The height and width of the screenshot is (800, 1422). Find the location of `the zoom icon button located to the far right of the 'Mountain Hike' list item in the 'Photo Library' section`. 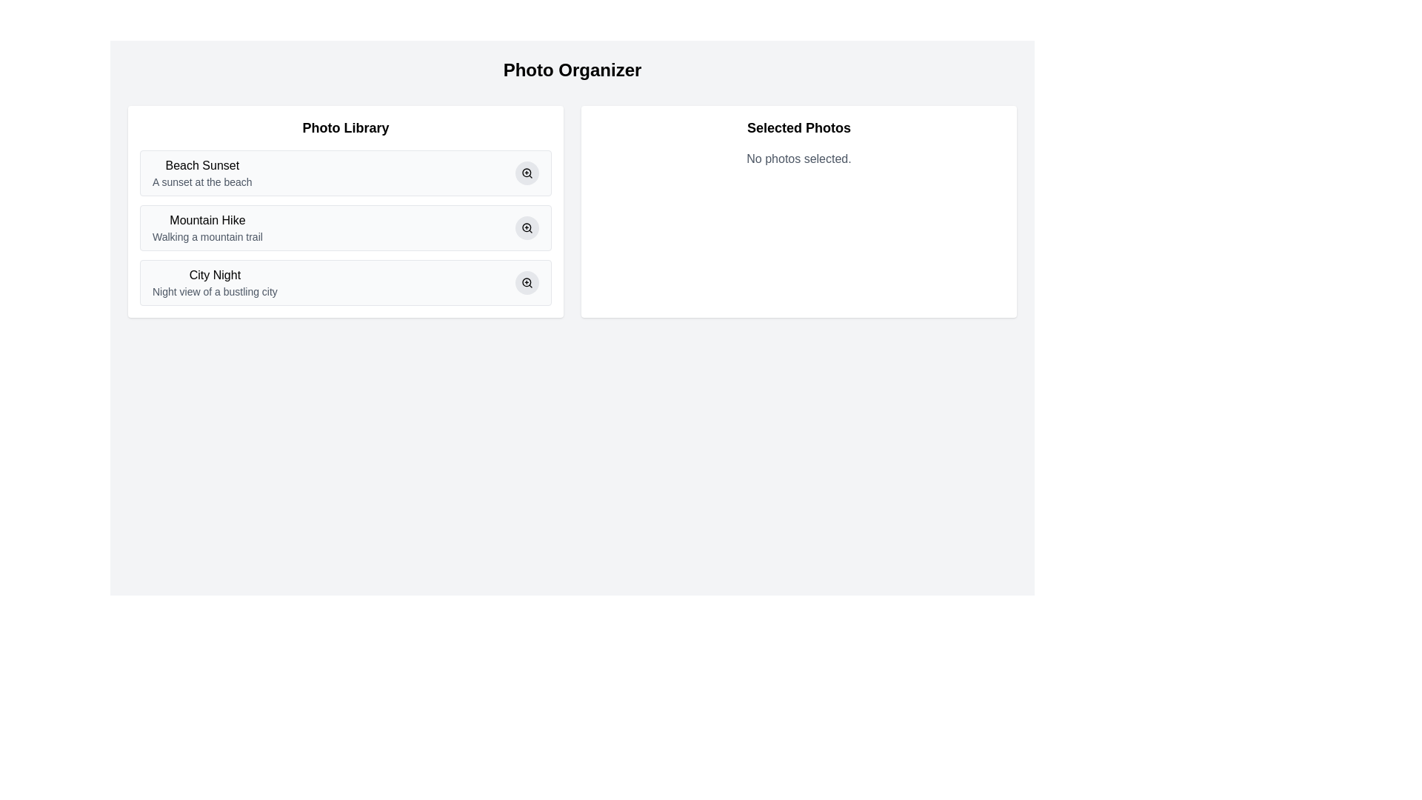

the zoom icon button located to the far right of the 'Mountain Hike' list item in the 'Photo Library' section is located at coordinates (527, 228).